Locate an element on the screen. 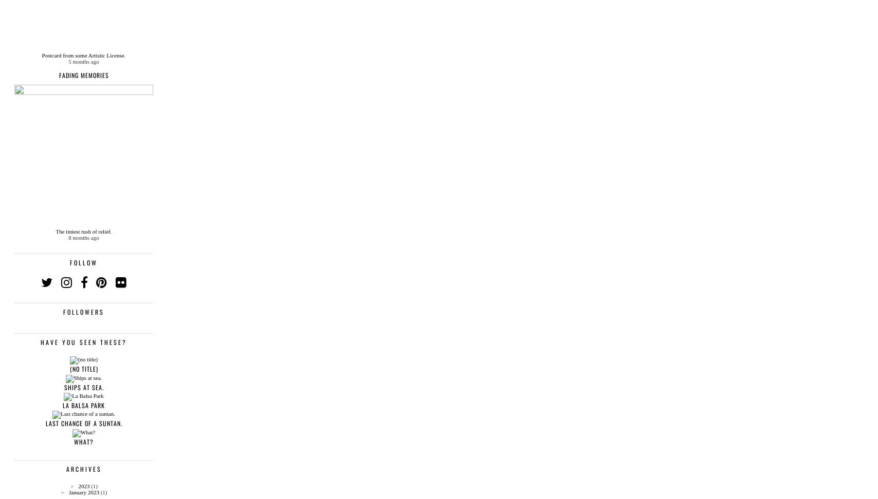 This screenshot has width=878, height=499. 'Follow' is located at coordinates (83, 262).